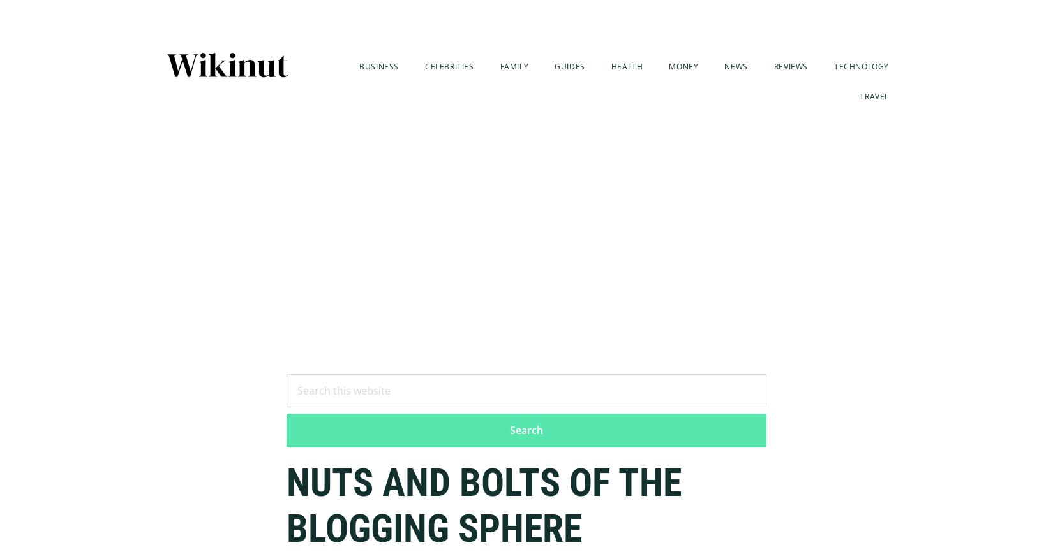  I want to click on 'Travel', so click(859, 96).